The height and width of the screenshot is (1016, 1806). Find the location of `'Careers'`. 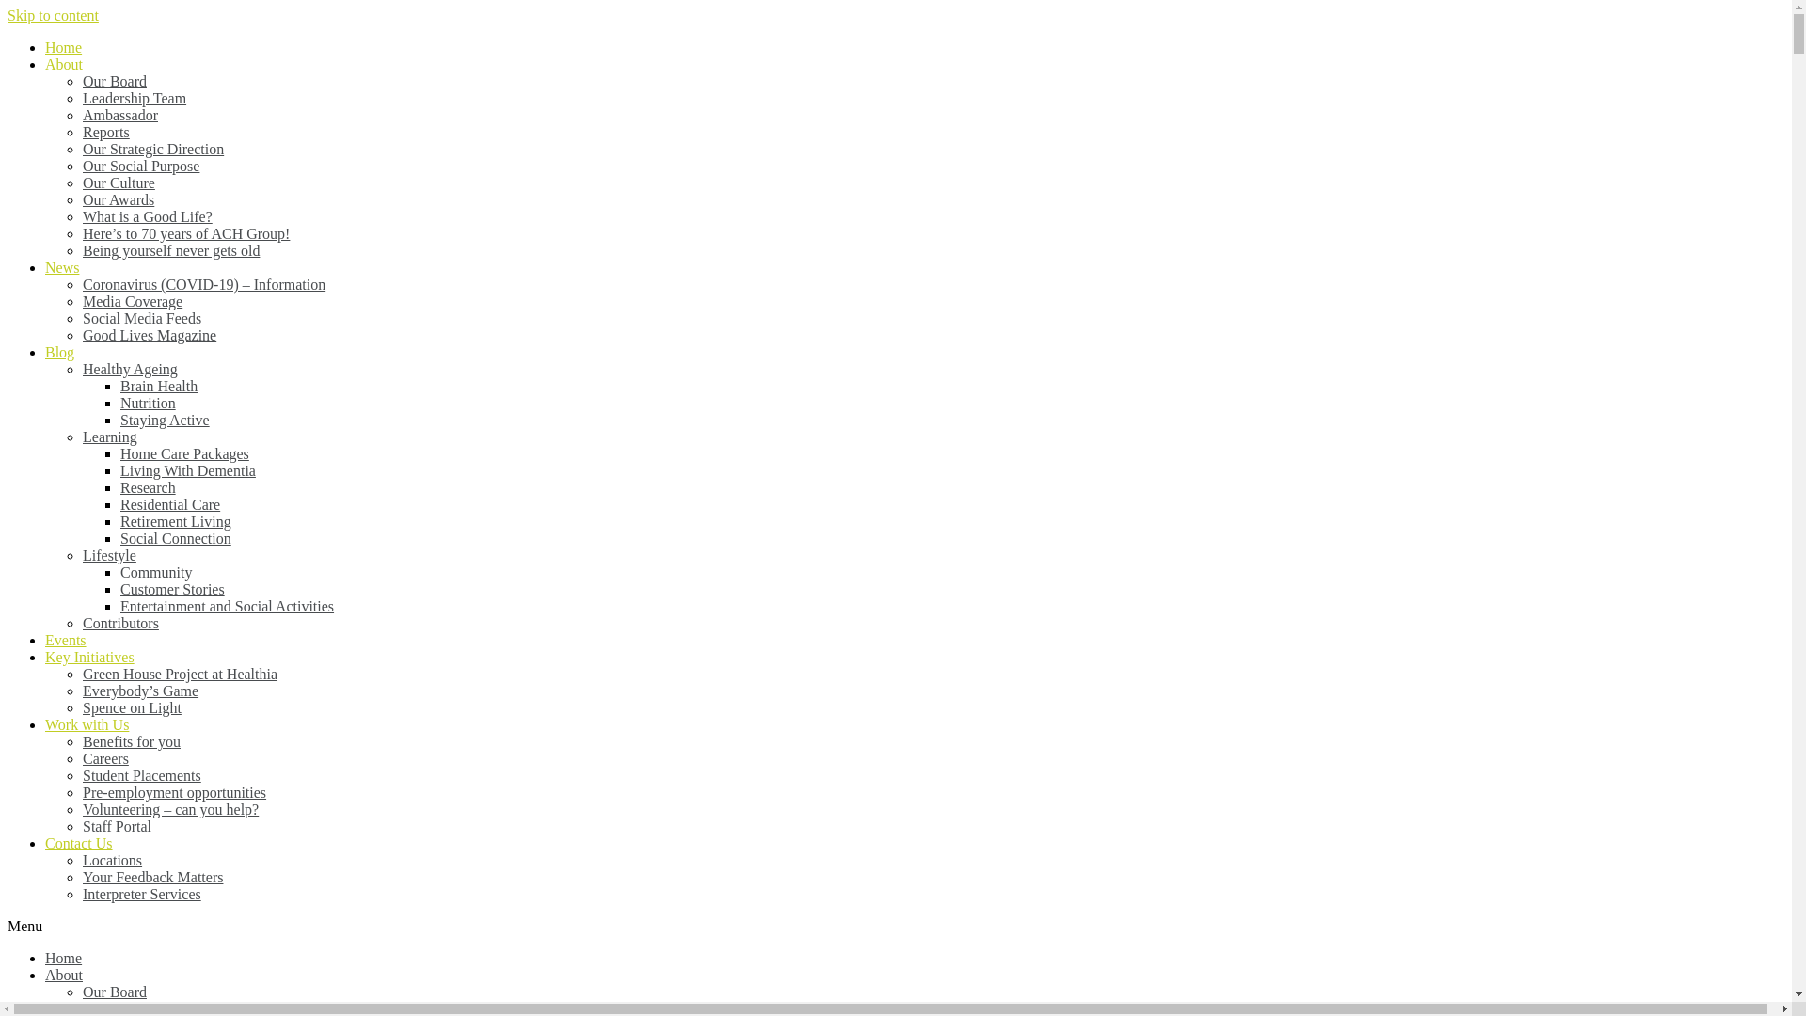

'Careers' is located at coordinates (104, 757).